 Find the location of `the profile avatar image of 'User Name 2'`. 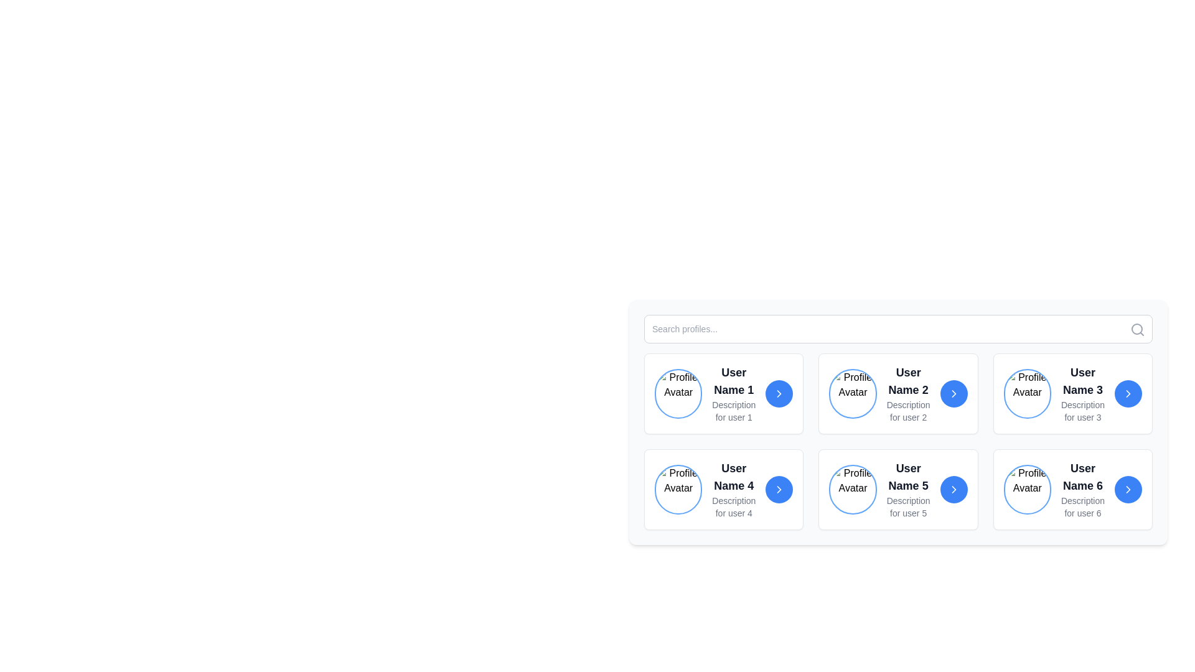

the profile avatar image of 'User Name 2' is located at coordinates (851, 393).